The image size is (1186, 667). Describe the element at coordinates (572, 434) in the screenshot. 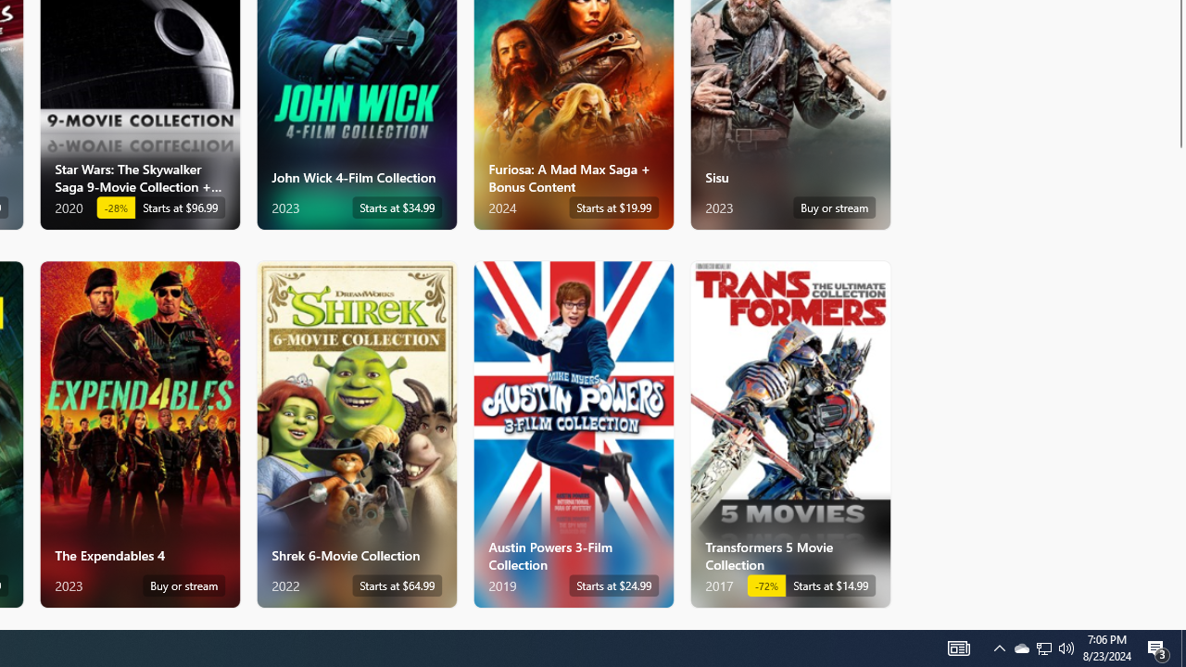

I see `'Austin Powers 3-Film Collection. Starts at $24.99  '` at that location.